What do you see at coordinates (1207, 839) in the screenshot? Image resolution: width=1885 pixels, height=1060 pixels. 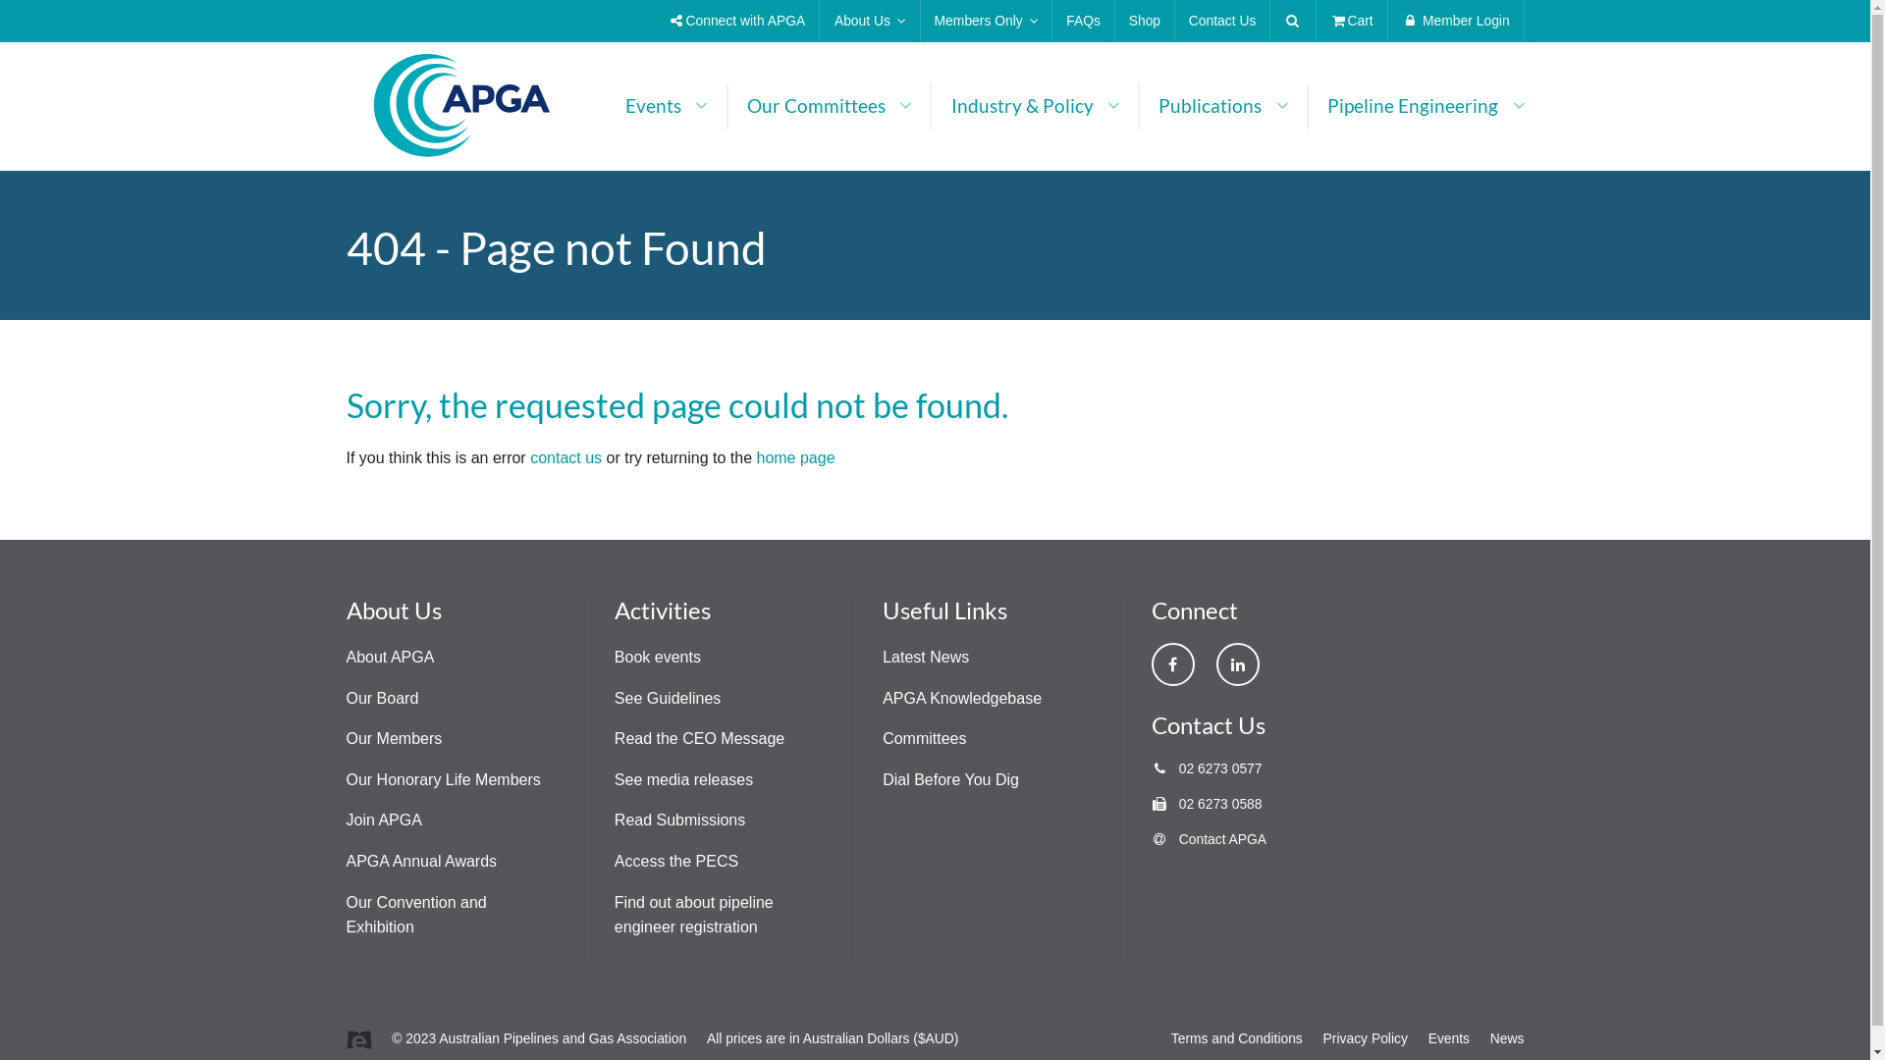 I see `'Contact APGA'` at bounding box center [1207, 839].